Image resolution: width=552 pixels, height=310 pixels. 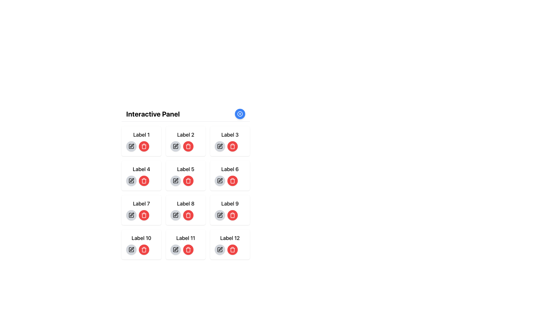 I want to click on the circular edit button with a pen icon located in the sixth cell of the grid under the 'Interactive Panel' heading, so click(x=219, y=180).